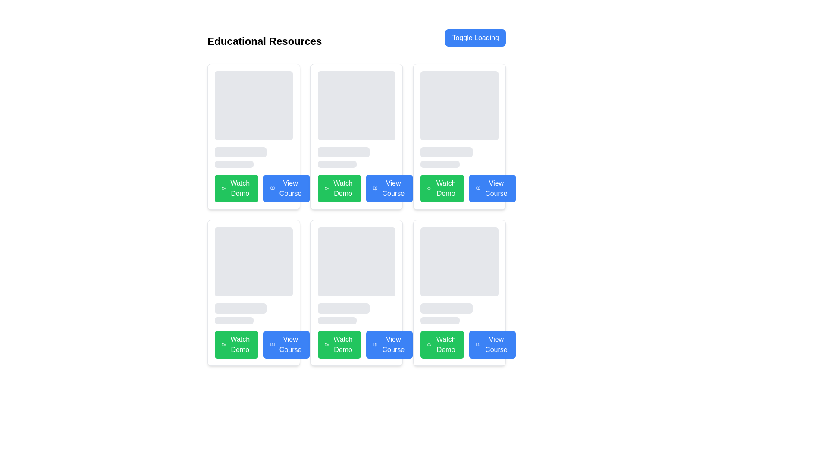 This screenshot has width=828, height=466. What do you see at coordinates (442, 188) in the screenshot?
I see `the 'Watch Demo' button, a rectangular green button with rounded edges and white text, for keyboard navigation` at bounding box center [442, 188].